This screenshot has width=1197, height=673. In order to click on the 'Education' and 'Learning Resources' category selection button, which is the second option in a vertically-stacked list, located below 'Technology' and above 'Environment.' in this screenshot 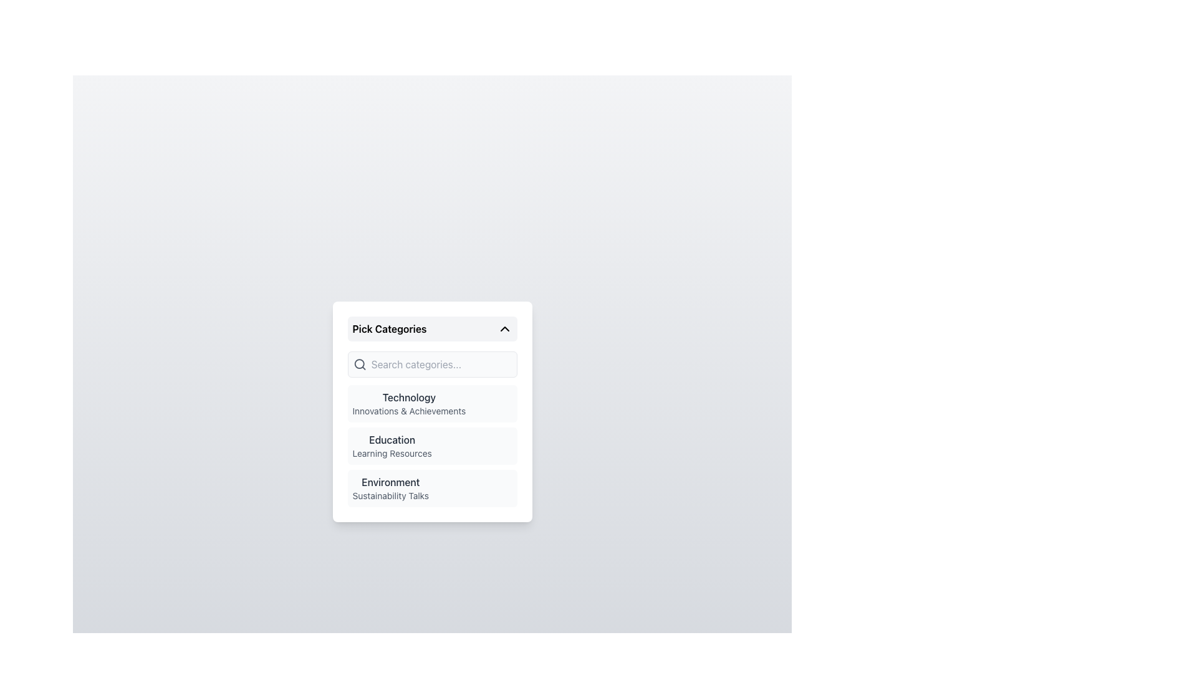, I will do `click(432, 446)`.